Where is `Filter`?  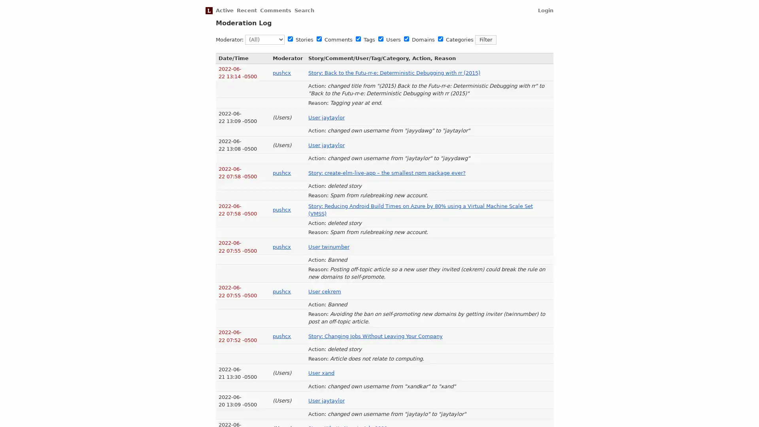
Filter is located at coordinates (485, 40).